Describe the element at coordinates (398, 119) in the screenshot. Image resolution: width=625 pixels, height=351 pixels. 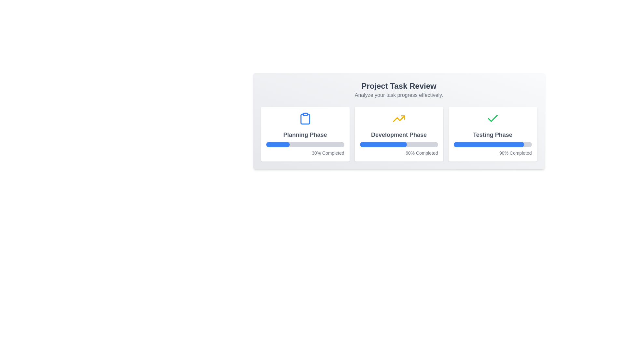
I see `the progress icon located in the header section of the 'Development Phase' card, which is the second card in a row of three cards` at that location.